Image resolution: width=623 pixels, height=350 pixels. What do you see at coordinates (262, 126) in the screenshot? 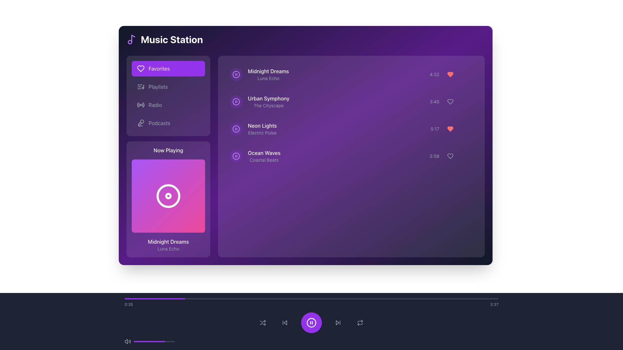
I see `text content of the title 'Neon Lights', which is the first line of the music track title in the right panel of the interface` at bounding box center [262, 126].